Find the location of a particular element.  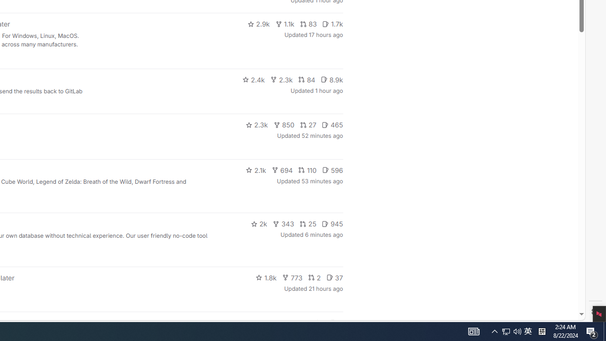

'27' is located at coordinates (308, 124).